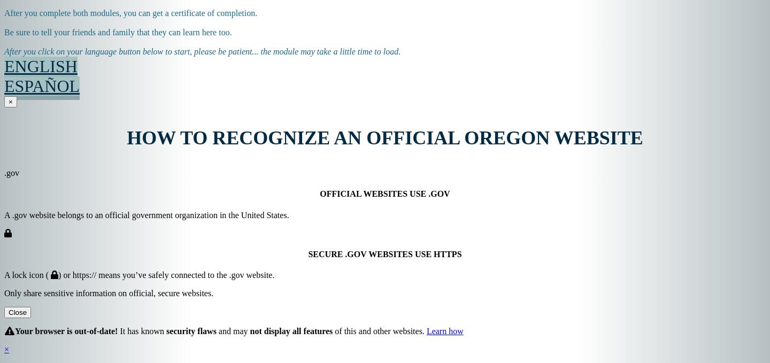 This screenshot has height=363, width=770. What do you see at coordinates (27, 274) in the screenshot?
I see `'A lock icon ('` at bounding box center [27, 274].